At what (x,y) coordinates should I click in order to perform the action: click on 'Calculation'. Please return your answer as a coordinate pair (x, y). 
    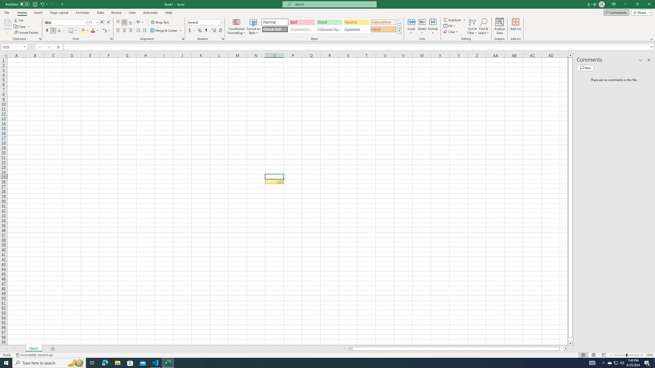
    Looking at the image, I should click on (383, 22).